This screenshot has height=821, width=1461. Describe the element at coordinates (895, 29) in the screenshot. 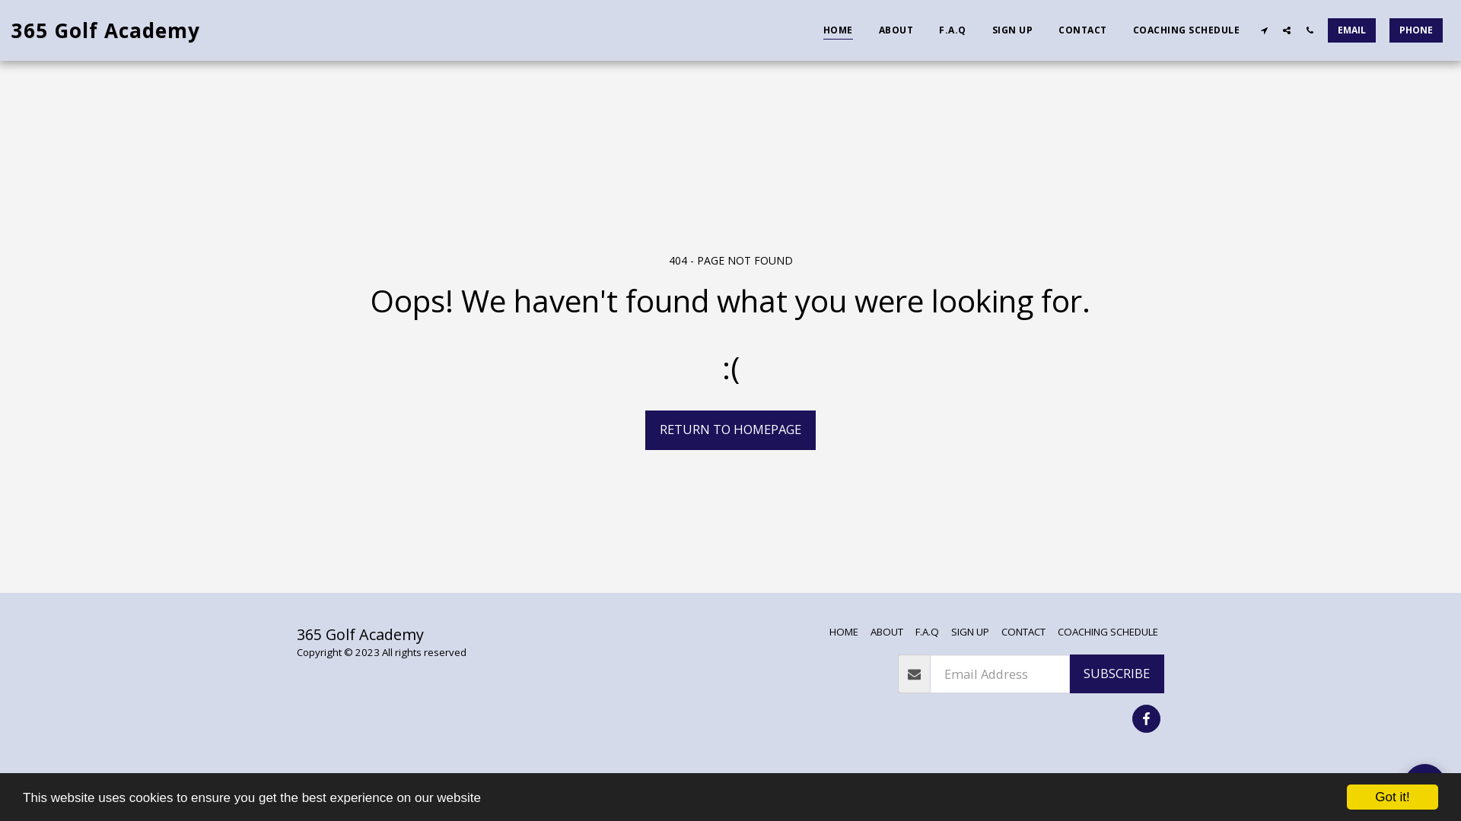

I see `'ABOUT'` at that location.